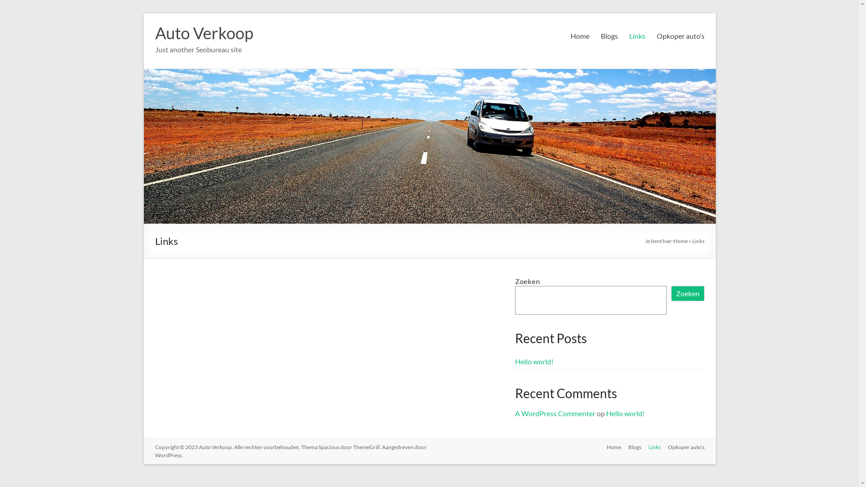 The image size is (866, 487). I want to click on 'Hello world!', so click(625, 413).